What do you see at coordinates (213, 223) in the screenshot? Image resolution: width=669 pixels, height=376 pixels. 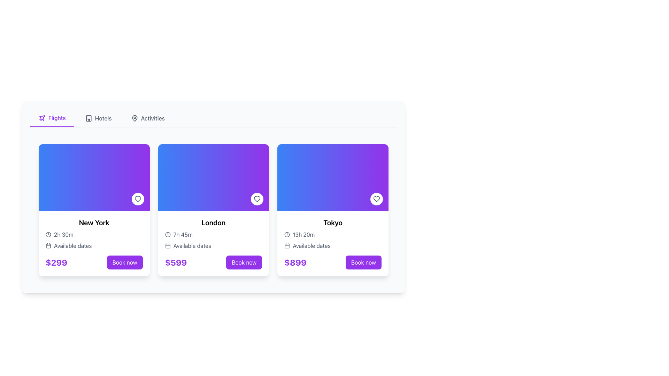 I see `text content of the heading that displays 'London' prominently in a large and bold font style, located in the center panel of the second card near the top portion below the main image` at bounding box center [213, 223].